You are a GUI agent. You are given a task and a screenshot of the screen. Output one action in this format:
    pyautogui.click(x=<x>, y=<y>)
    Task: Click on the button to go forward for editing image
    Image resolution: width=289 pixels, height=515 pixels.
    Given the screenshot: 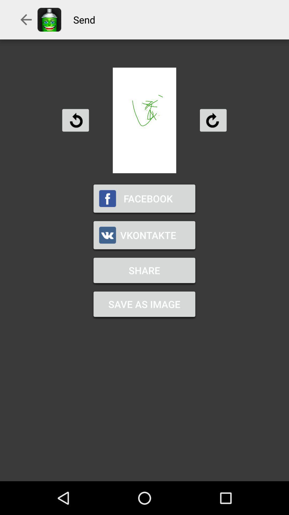 What is the action you would take?
    pyautogui.click(x=213, y=120)
    